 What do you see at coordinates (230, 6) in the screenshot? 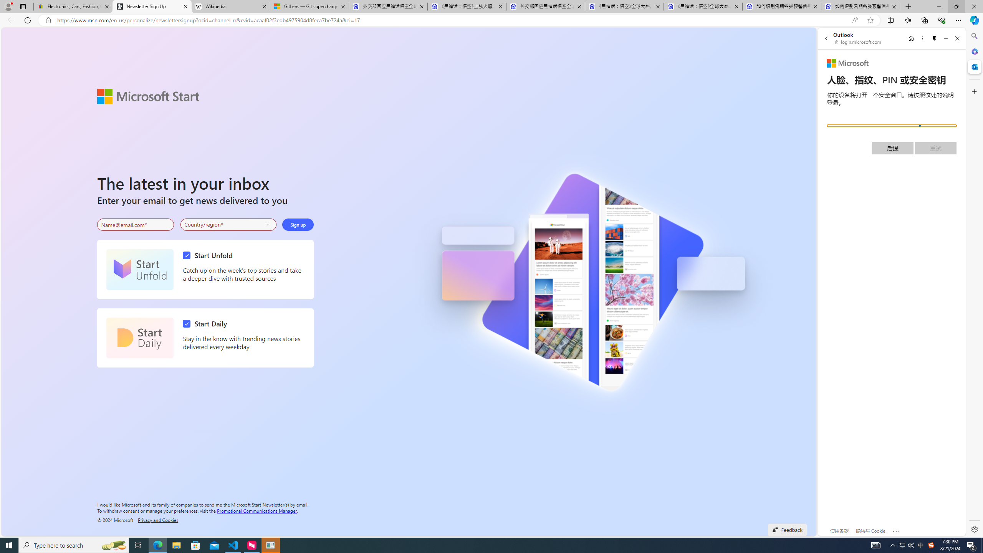
I see `'Wikipedia'` at bounding box center [230, 6].